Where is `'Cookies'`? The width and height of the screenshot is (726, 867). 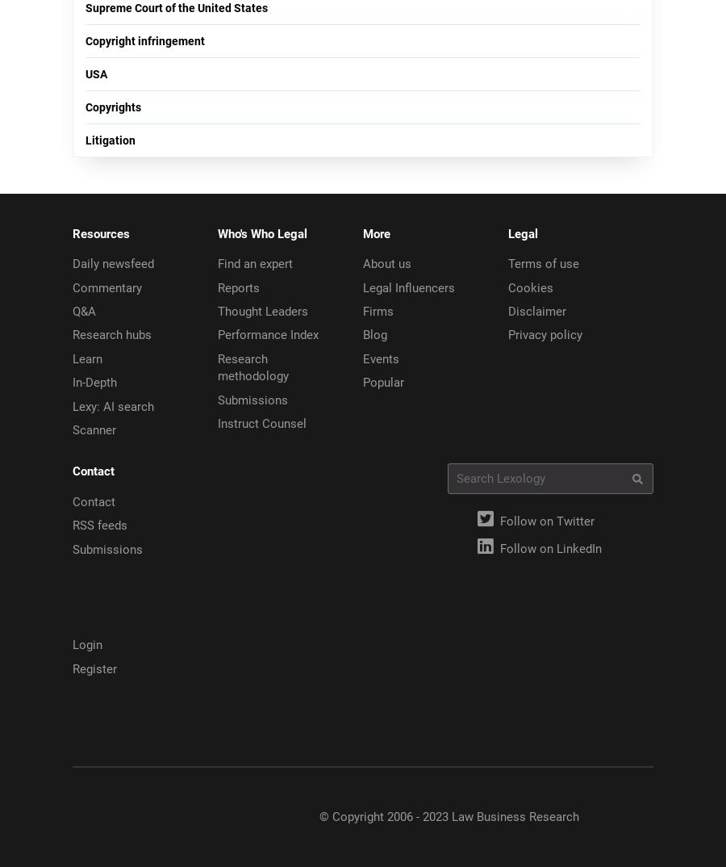
'Cookies' is located at coordinates (530, 287).